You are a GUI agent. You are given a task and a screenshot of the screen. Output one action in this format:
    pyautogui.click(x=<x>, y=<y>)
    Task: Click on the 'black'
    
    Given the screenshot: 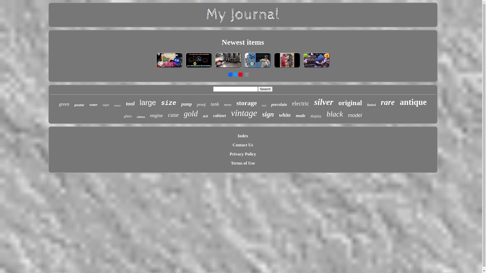 What is the action you would take?
    pyautogui.click(x=335, y=114)
    